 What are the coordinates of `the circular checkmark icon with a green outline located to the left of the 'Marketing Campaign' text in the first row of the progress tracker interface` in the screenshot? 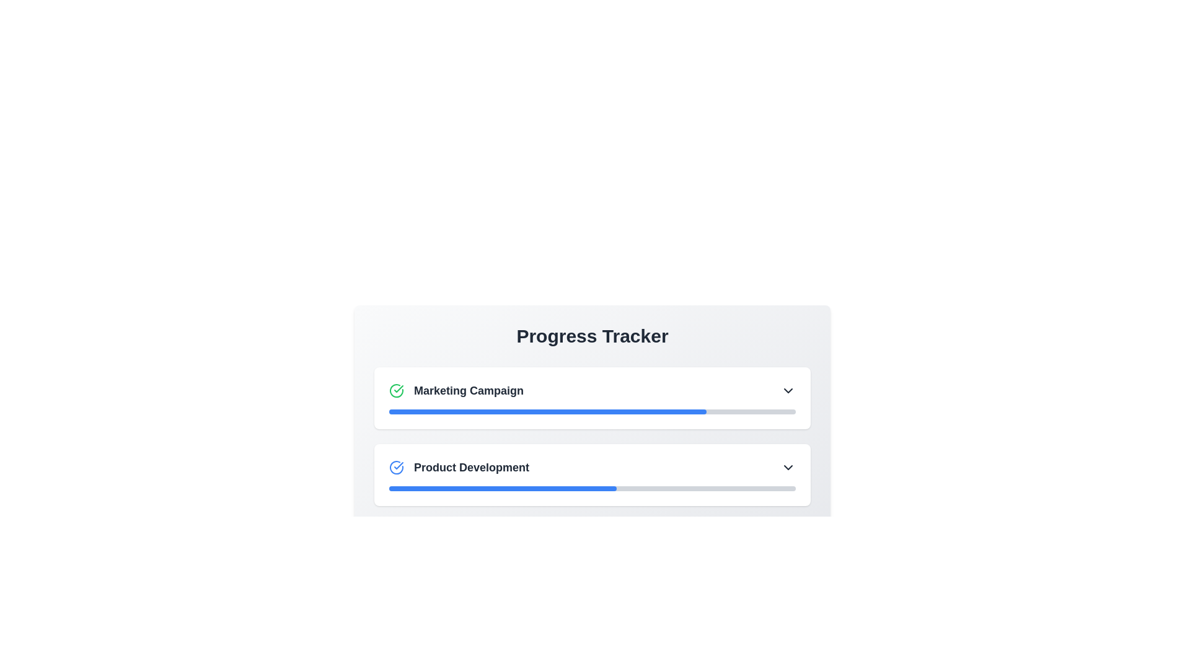 It's located at (395, 391).